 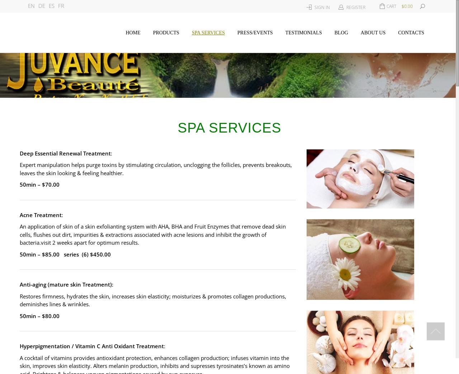 What do you see at coordinates (91, 346) in the screenshot?
I see `'Hyperpigmentation / Vitamin C Anti Oxidant Treatment'` at bounding box center [91, 346].